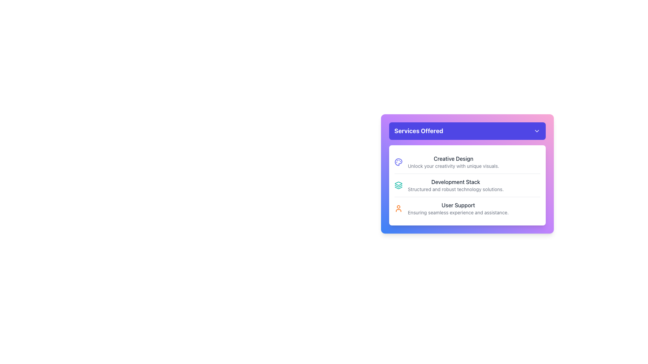  I want to click on the Dropdown toggle button located at the top of the colorful card, so click(467, 131).